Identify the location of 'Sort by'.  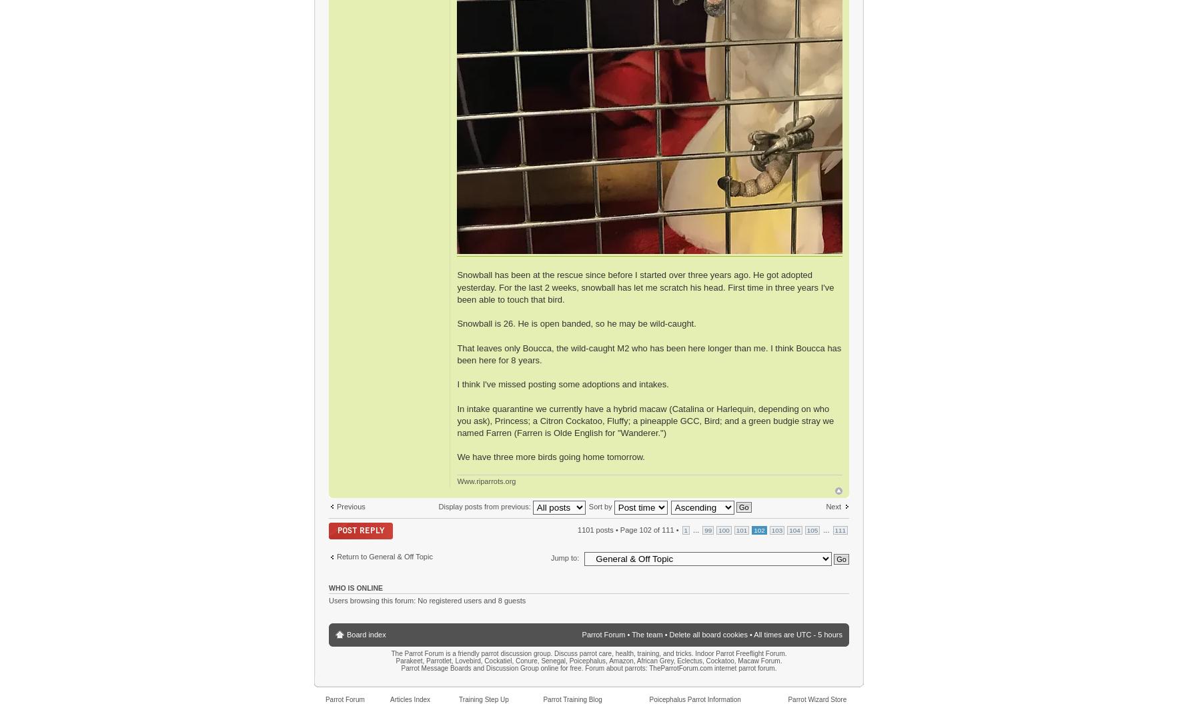
(600, 506).